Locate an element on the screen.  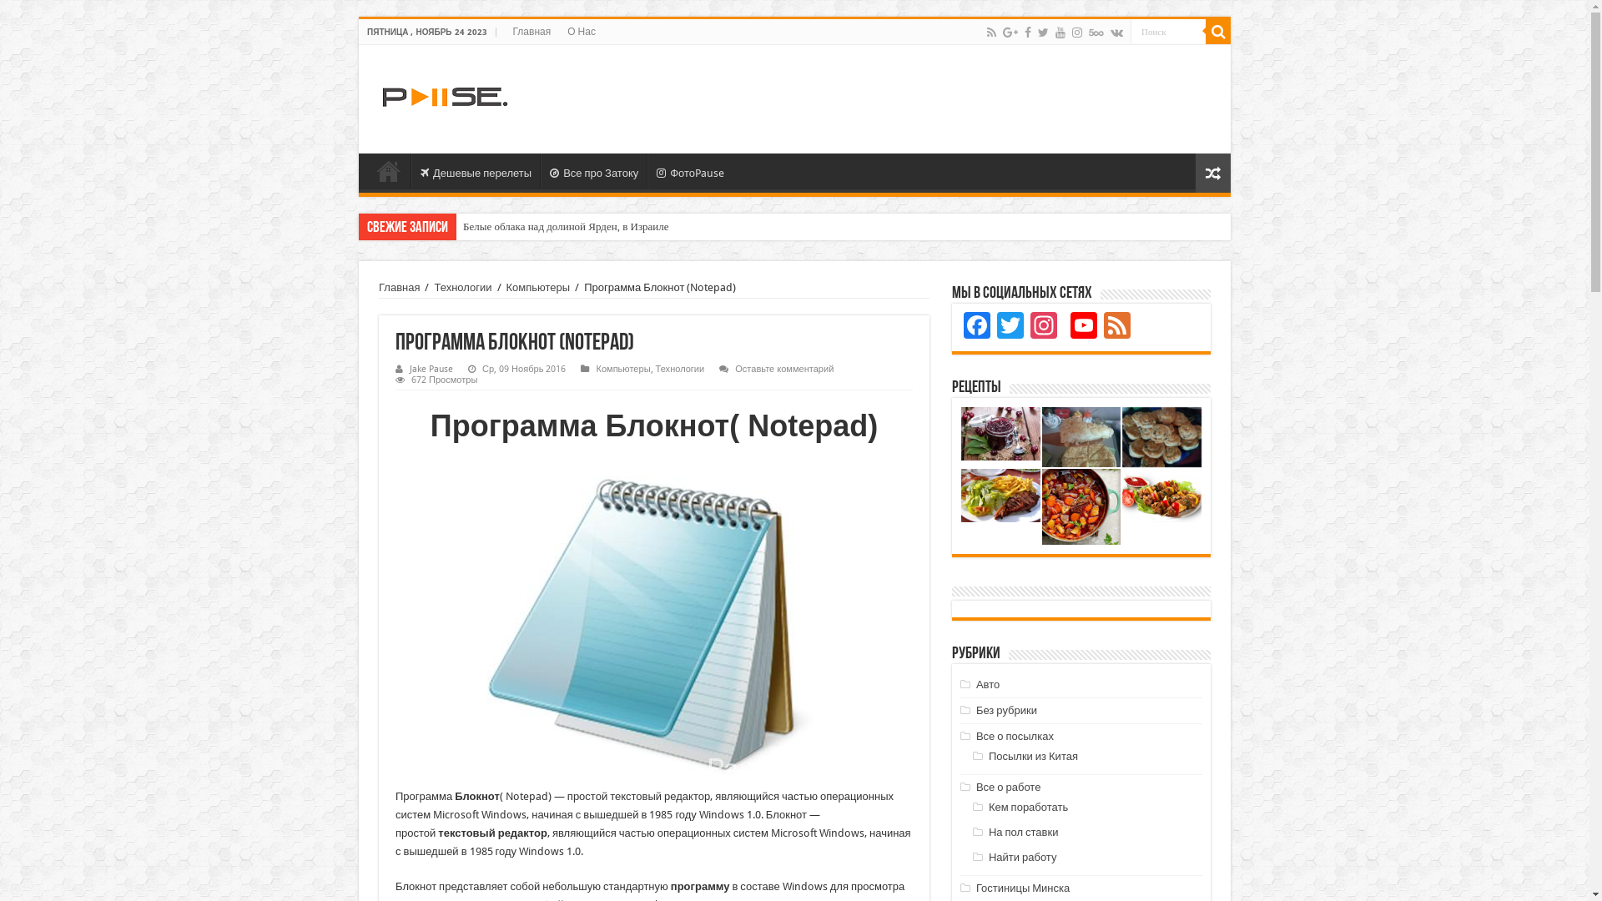
'Instagram' is located at coordinates (1043, 327).